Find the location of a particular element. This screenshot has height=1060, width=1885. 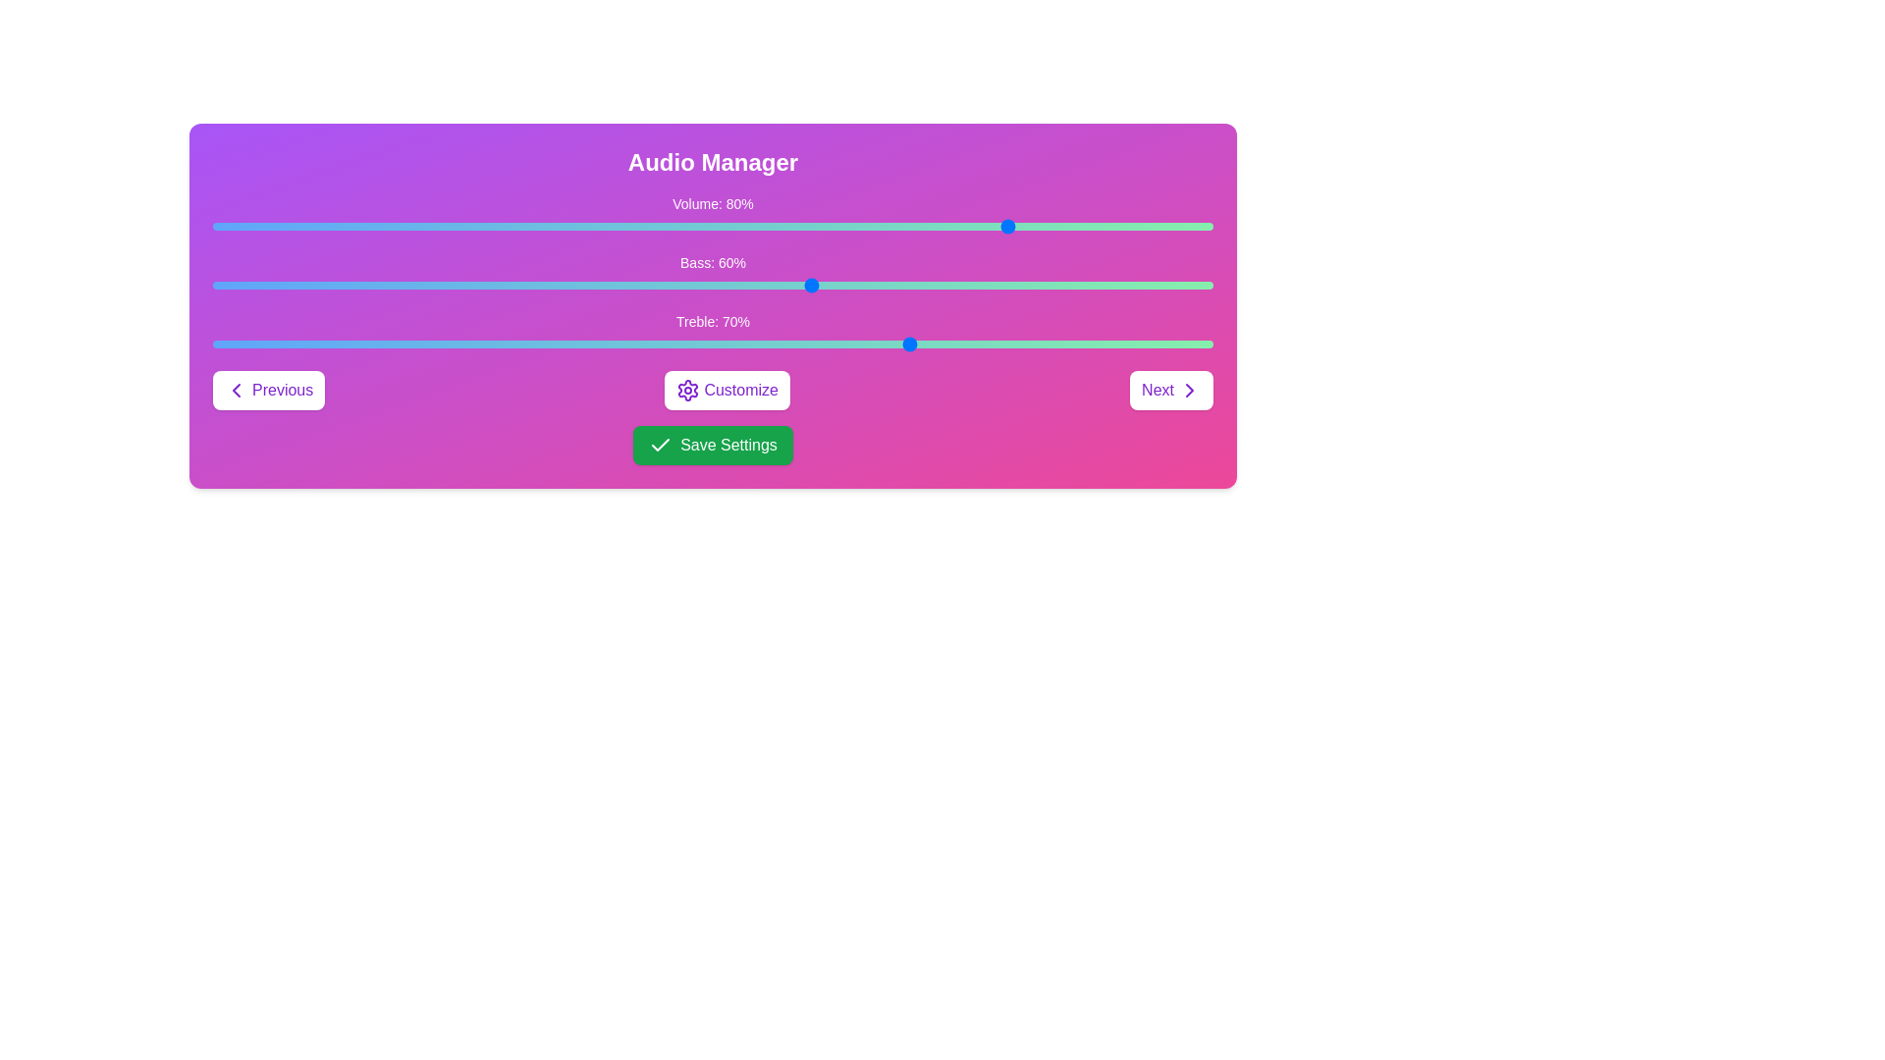

the slider value is located at coordinates (1103, 226).